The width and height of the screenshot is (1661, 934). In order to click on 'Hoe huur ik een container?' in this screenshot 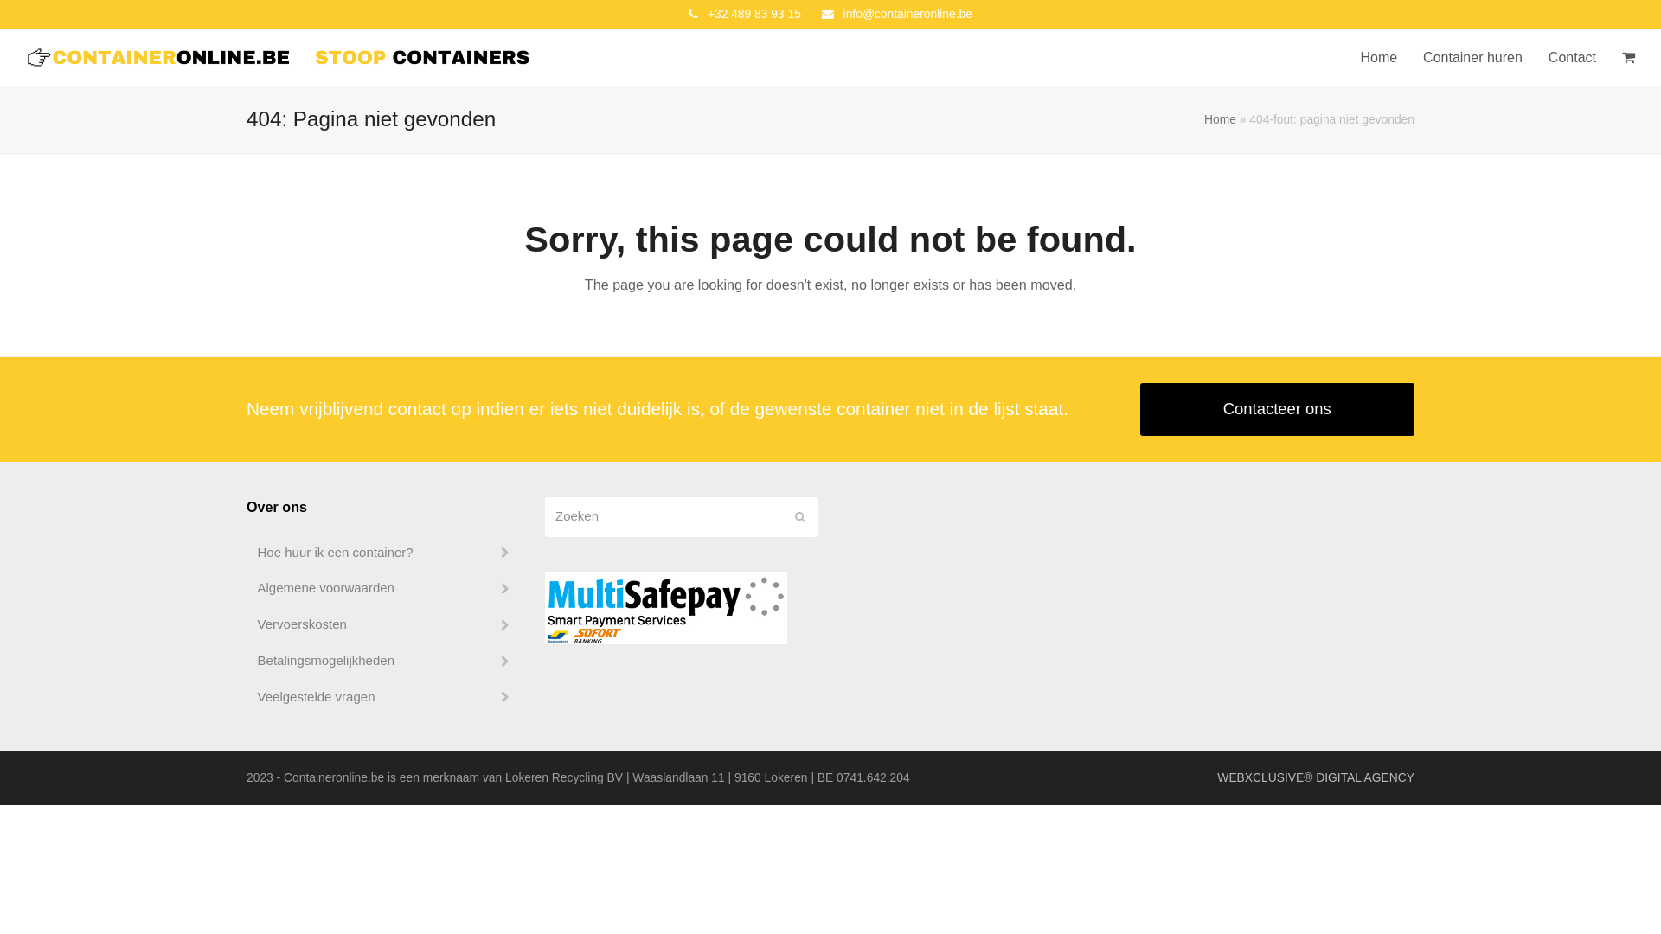, I will do `click(382, 552)`.